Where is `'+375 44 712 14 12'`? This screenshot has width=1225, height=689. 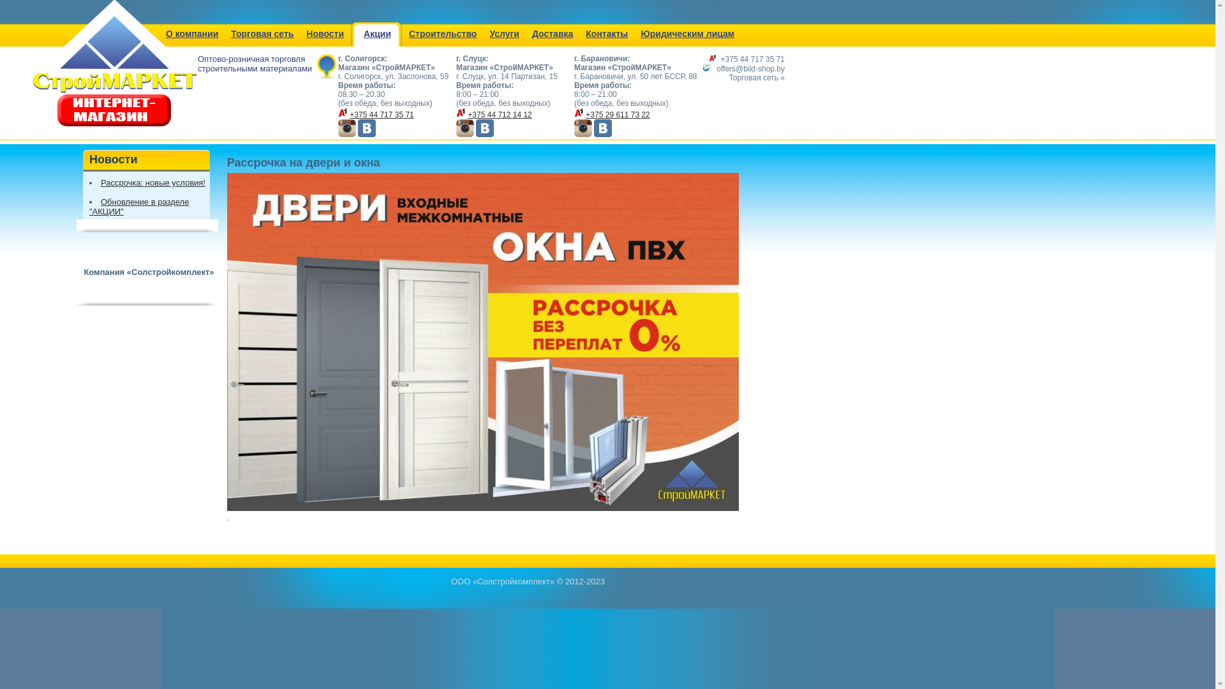 '+375 44 712 14 12' is located at coordinates (498, 115).